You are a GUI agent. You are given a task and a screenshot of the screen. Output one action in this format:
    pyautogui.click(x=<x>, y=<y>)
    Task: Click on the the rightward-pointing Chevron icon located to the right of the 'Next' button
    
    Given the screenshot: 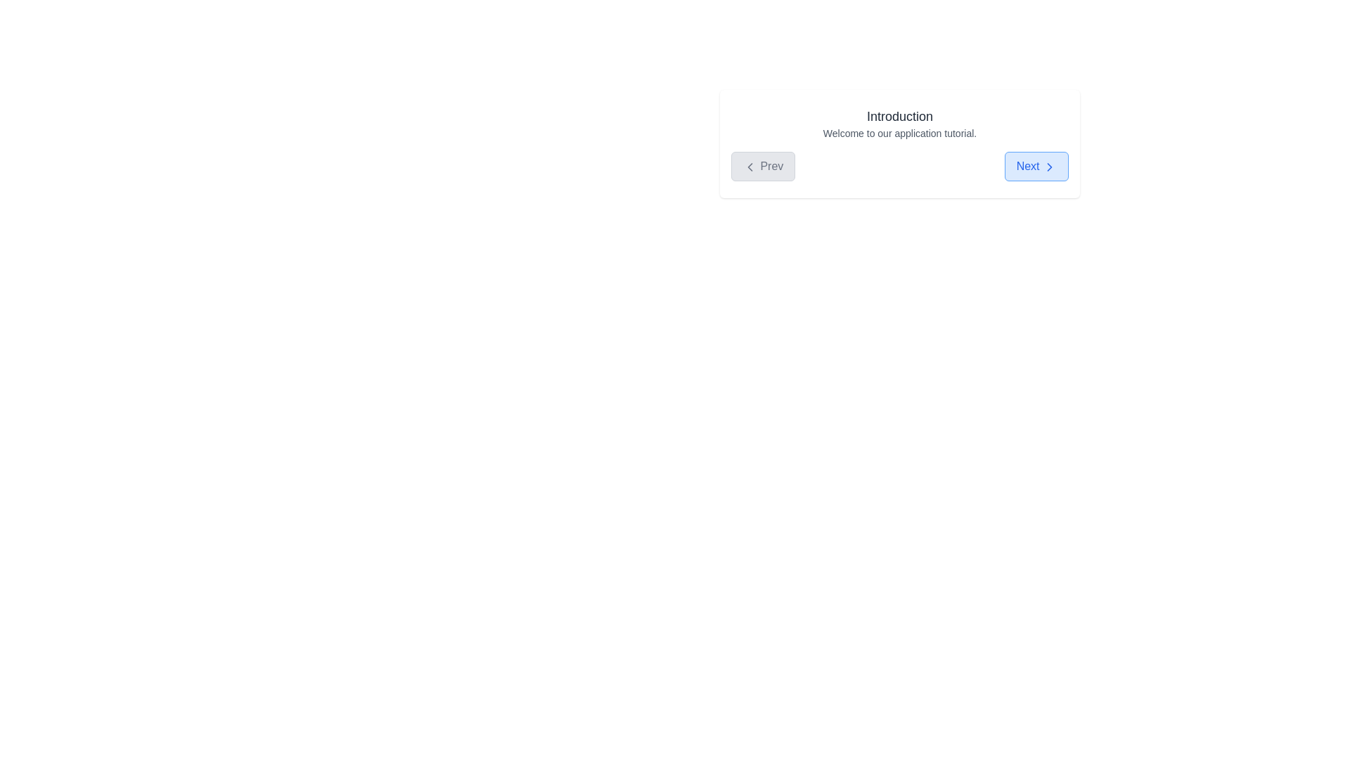 What is the action you would take?
    pyautogui.click(x=1049, y=165)
    